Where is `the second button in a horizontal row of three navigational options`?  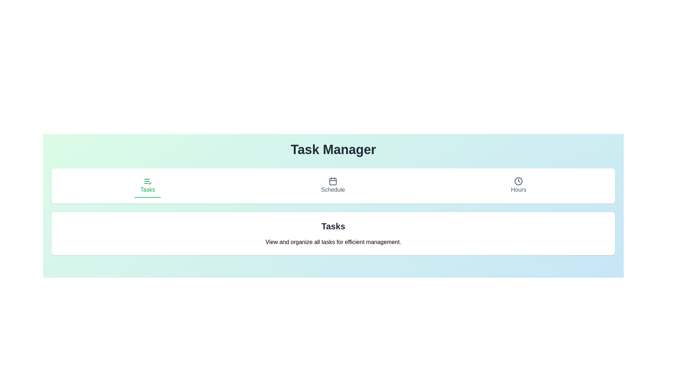
the second button in a horizontal row of three navigational options is located at coordinates (332, 186).